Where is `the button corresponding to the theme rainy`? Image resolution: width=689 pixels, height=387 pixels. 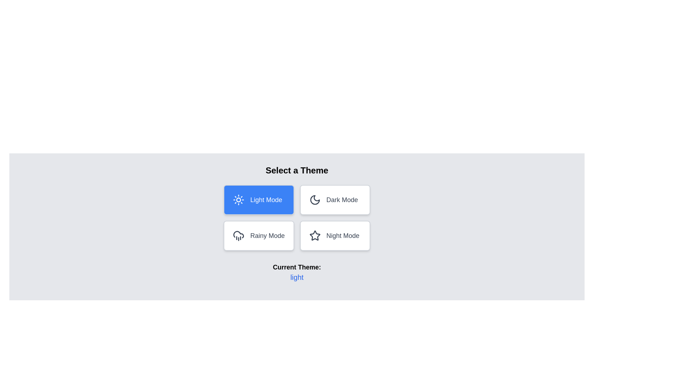 the button corresponding to the theme rainy is located at coordinates (258, 236).